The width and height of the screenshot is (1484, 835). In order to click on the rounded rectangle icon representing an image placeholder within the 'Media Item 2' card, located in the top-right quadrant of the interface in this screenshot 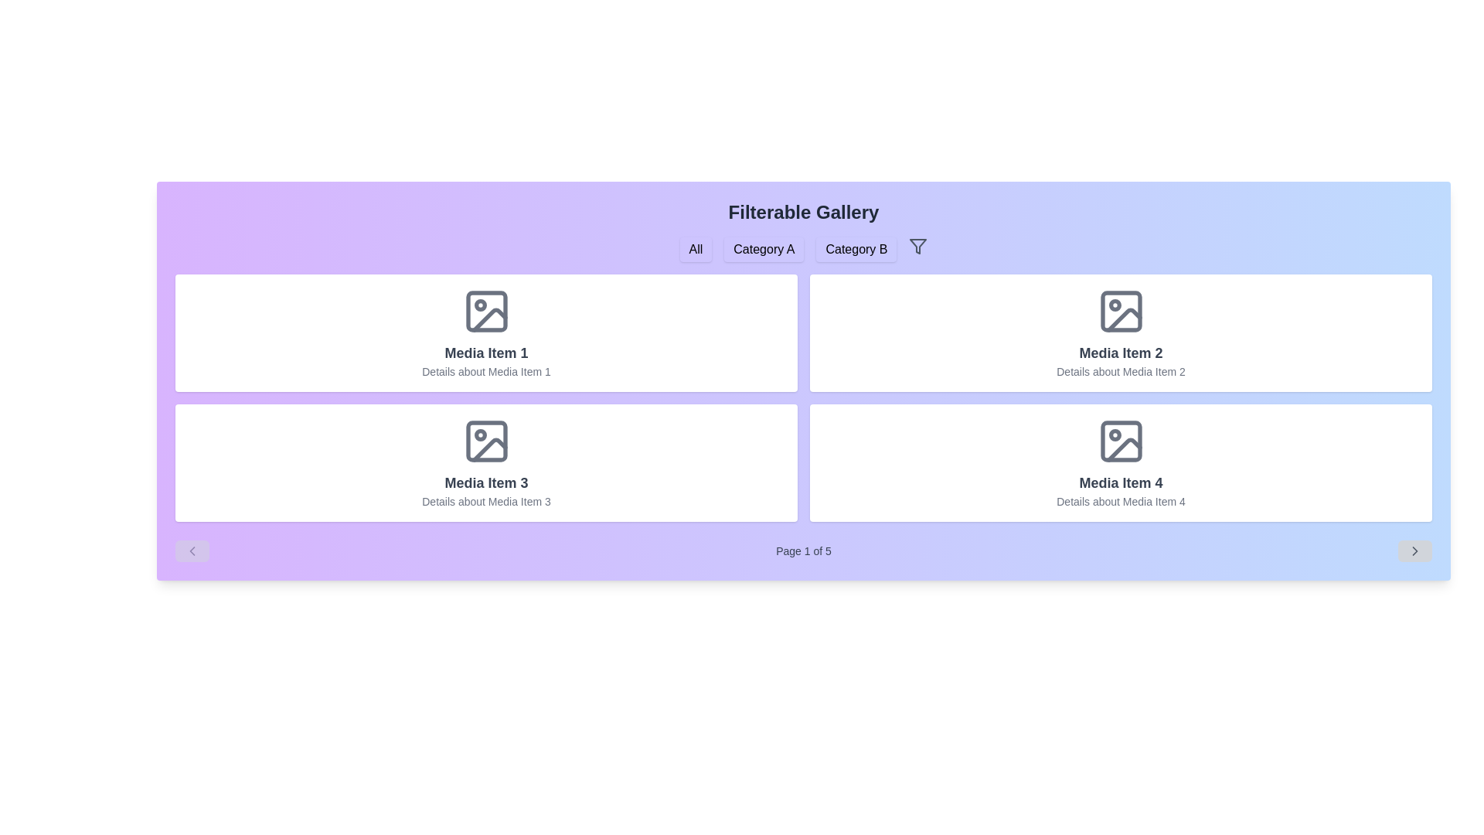, I will do `click(1121, 311)`.